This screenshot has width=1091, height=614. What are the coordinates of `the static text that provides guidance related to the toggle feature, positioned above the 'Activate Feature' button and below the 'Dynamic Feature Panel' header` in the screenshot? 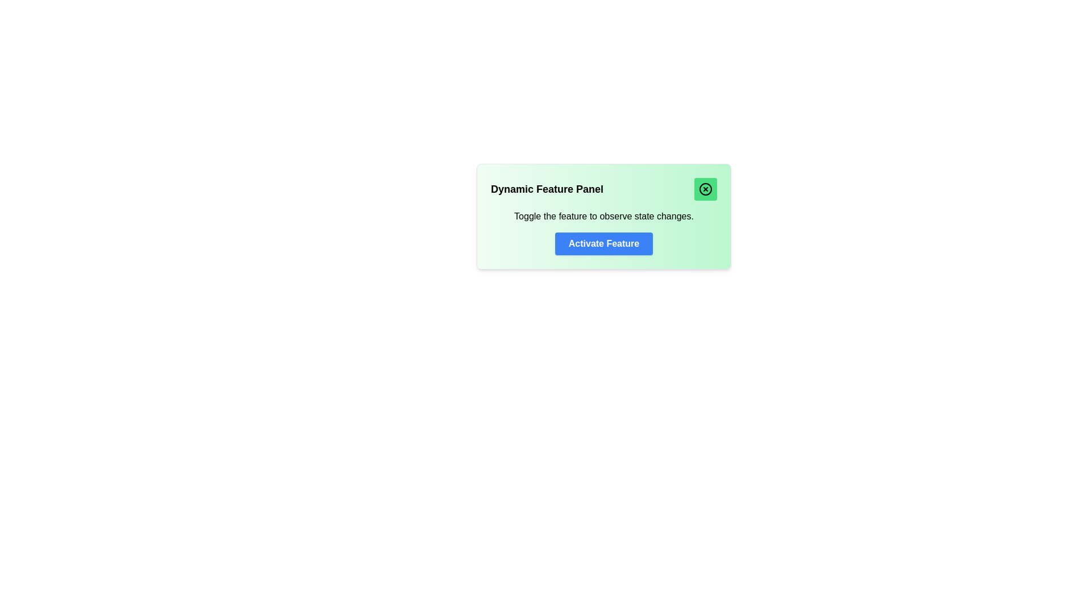 It's located at (603, 217).